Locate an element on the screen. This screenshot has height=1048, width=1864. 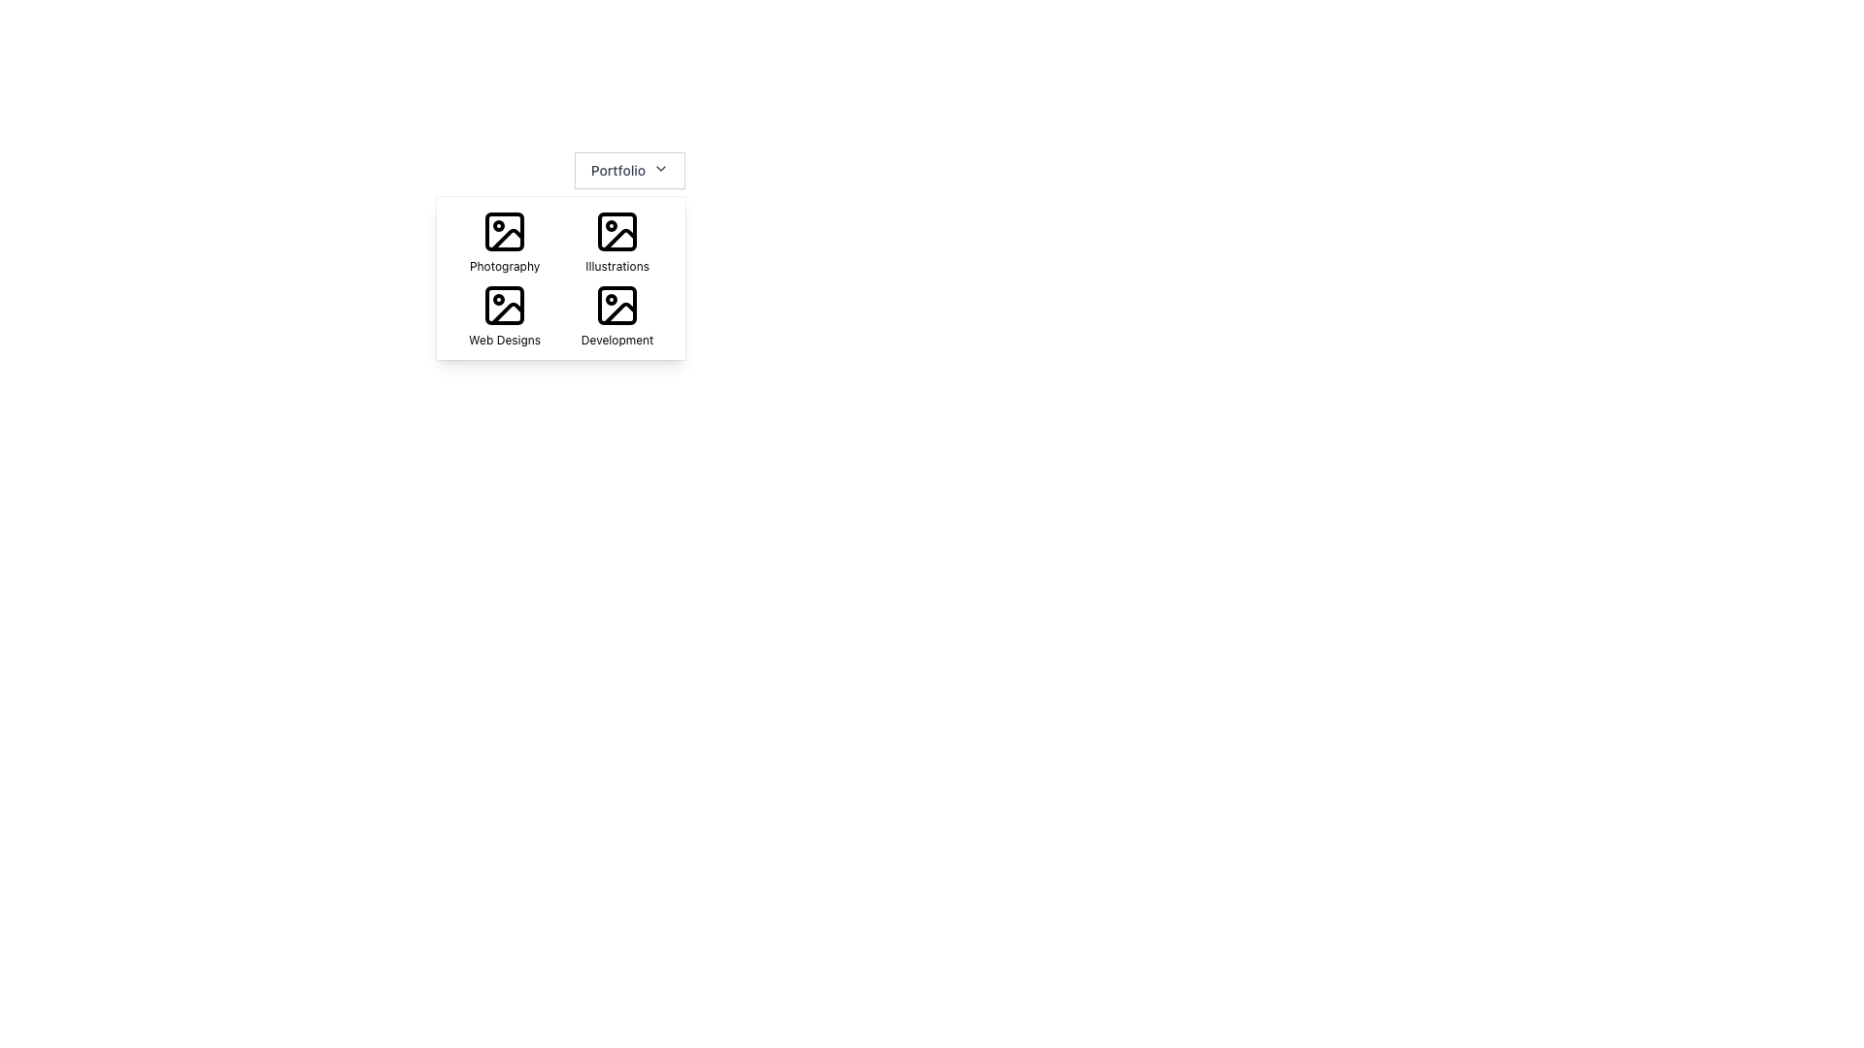
the 'Illustrations' Grid Option, which is represented by a square icon with a picture frame graphic and is located in the top-right section of the grid, below the 'Photography' option is located at coordinates (616, 241).